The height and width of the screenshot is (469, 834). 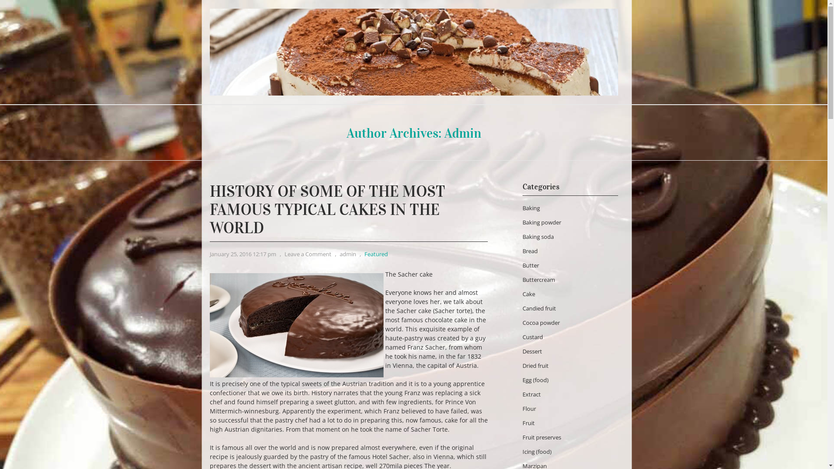 I want to click on 'Leave a Comment', so click(x=308, y=254).